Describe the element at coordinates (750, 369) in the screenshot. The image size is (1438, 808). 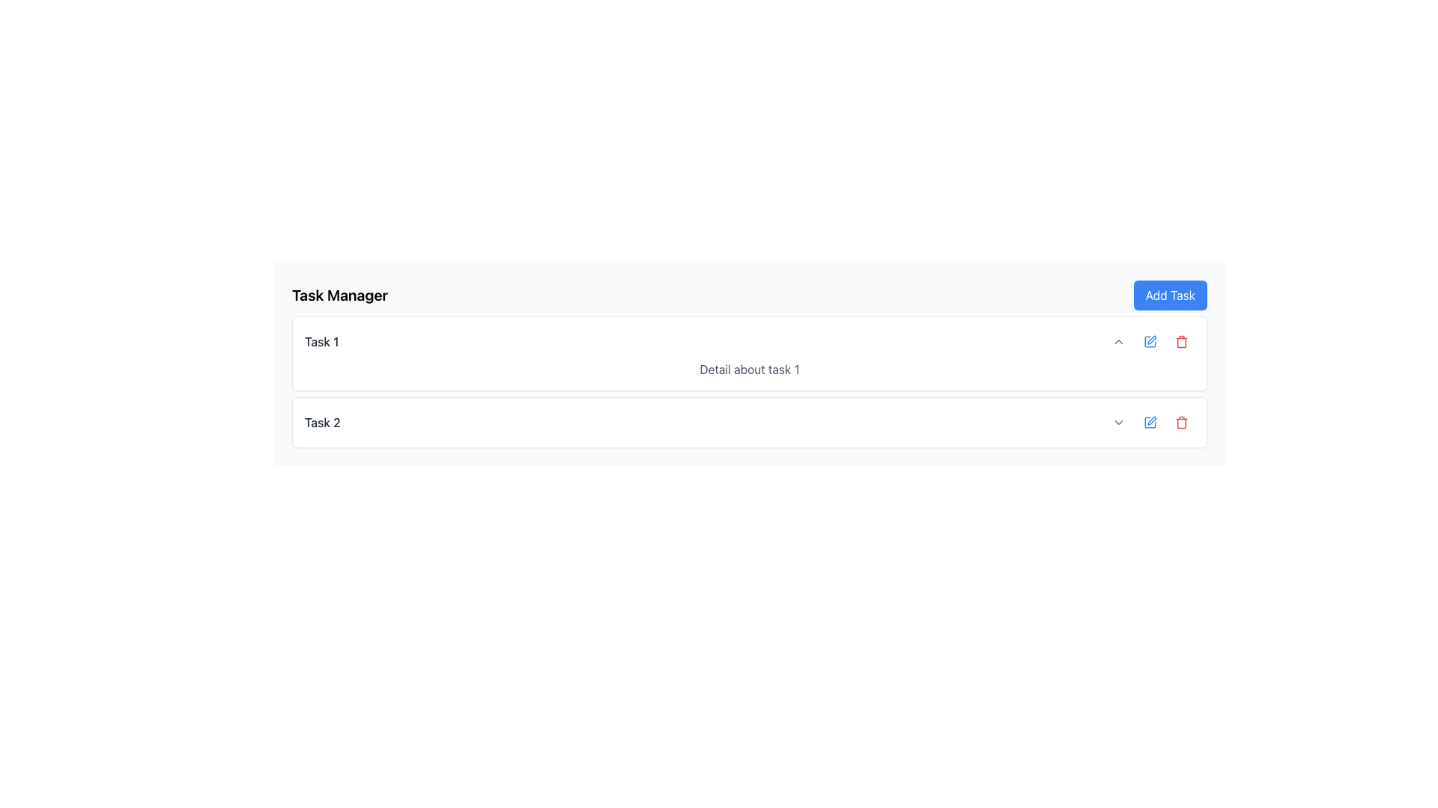
I see `the text label stating 'Detail about task 1' located beneath the heading 'Task 1' to focus or select it` at that location.